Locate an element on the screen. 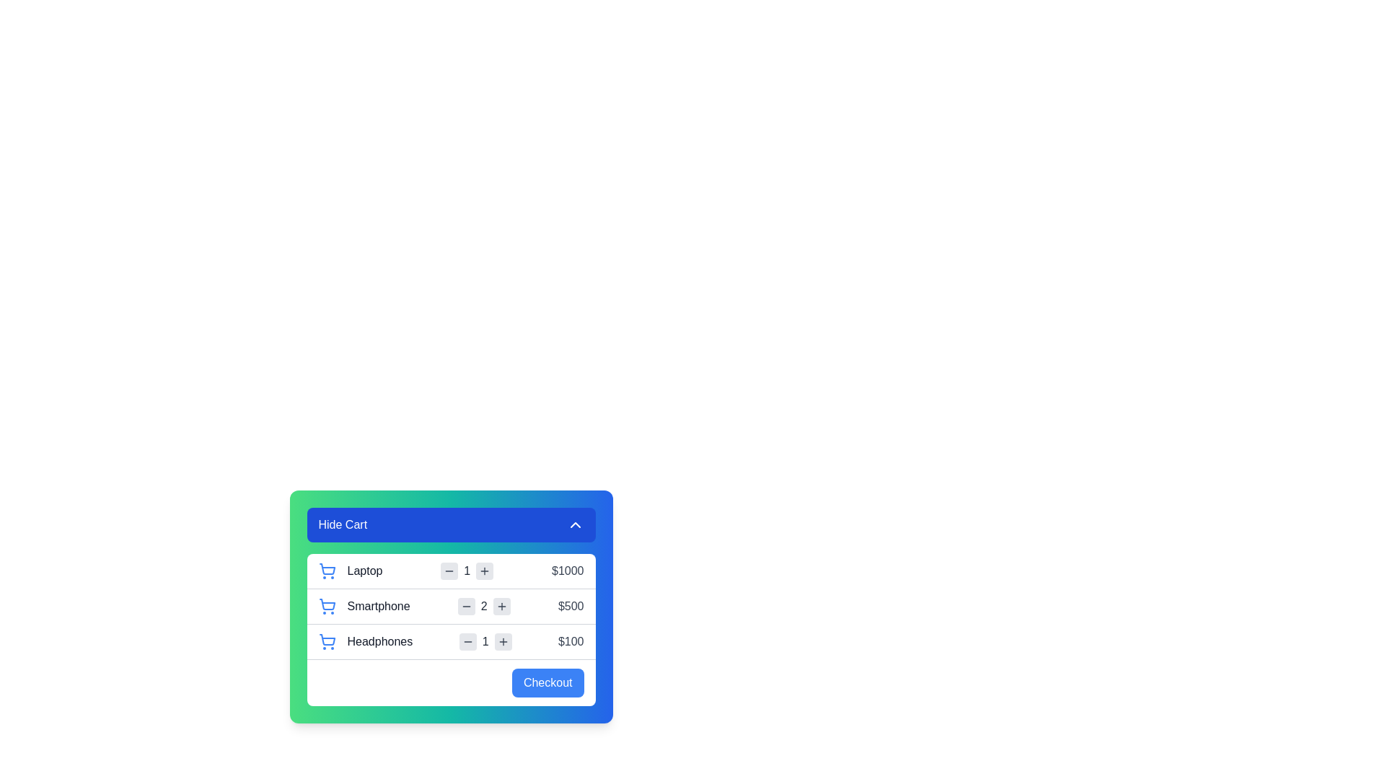 The height and width of the screenshot is (779, 1385). the button to the right of the quantity indicator for 'Headphones' to increase the quantity in the cart is located at coordinates (503, 641).